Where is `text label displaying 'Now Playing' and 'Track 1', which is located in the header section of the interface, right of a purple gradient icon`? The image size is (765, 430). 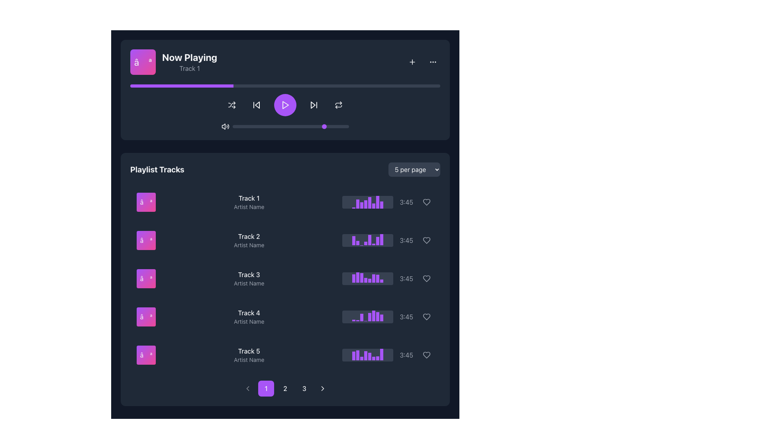 text label displaying 'Now Playing' and 'Track 1', which is located in the header section of the interface, right of a purple gradient icon is located at coordinates (189, 61).